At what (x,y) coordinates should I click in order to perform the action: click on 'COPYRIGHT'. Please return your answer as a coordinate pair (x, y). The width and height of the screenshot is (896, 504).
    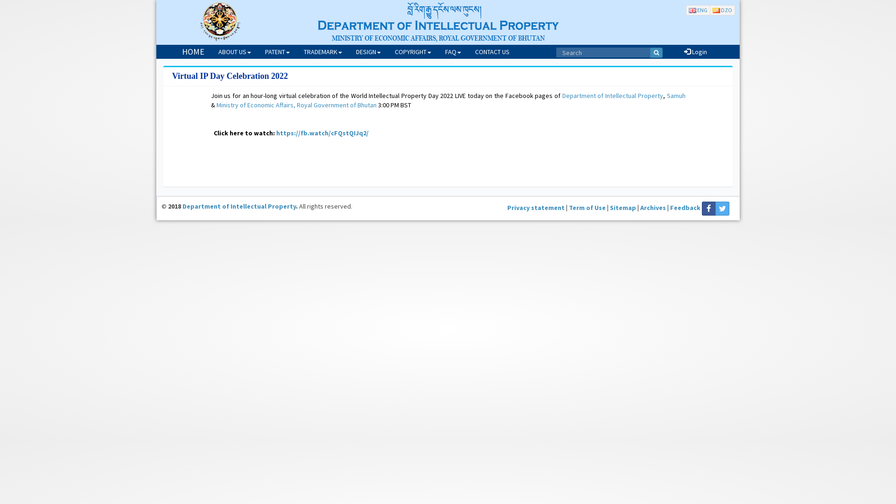
    Looking at the image, I should click on (412, 52).